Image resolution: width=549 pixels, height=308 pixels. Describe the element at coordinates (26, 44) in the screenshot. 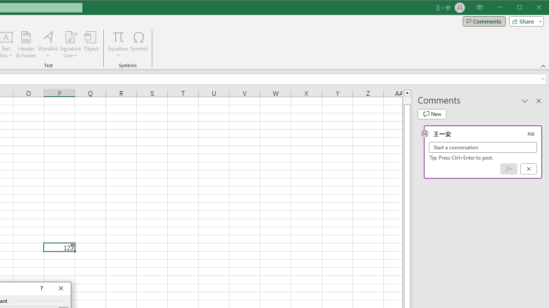

I see `'Header & Footer...'` at that location.